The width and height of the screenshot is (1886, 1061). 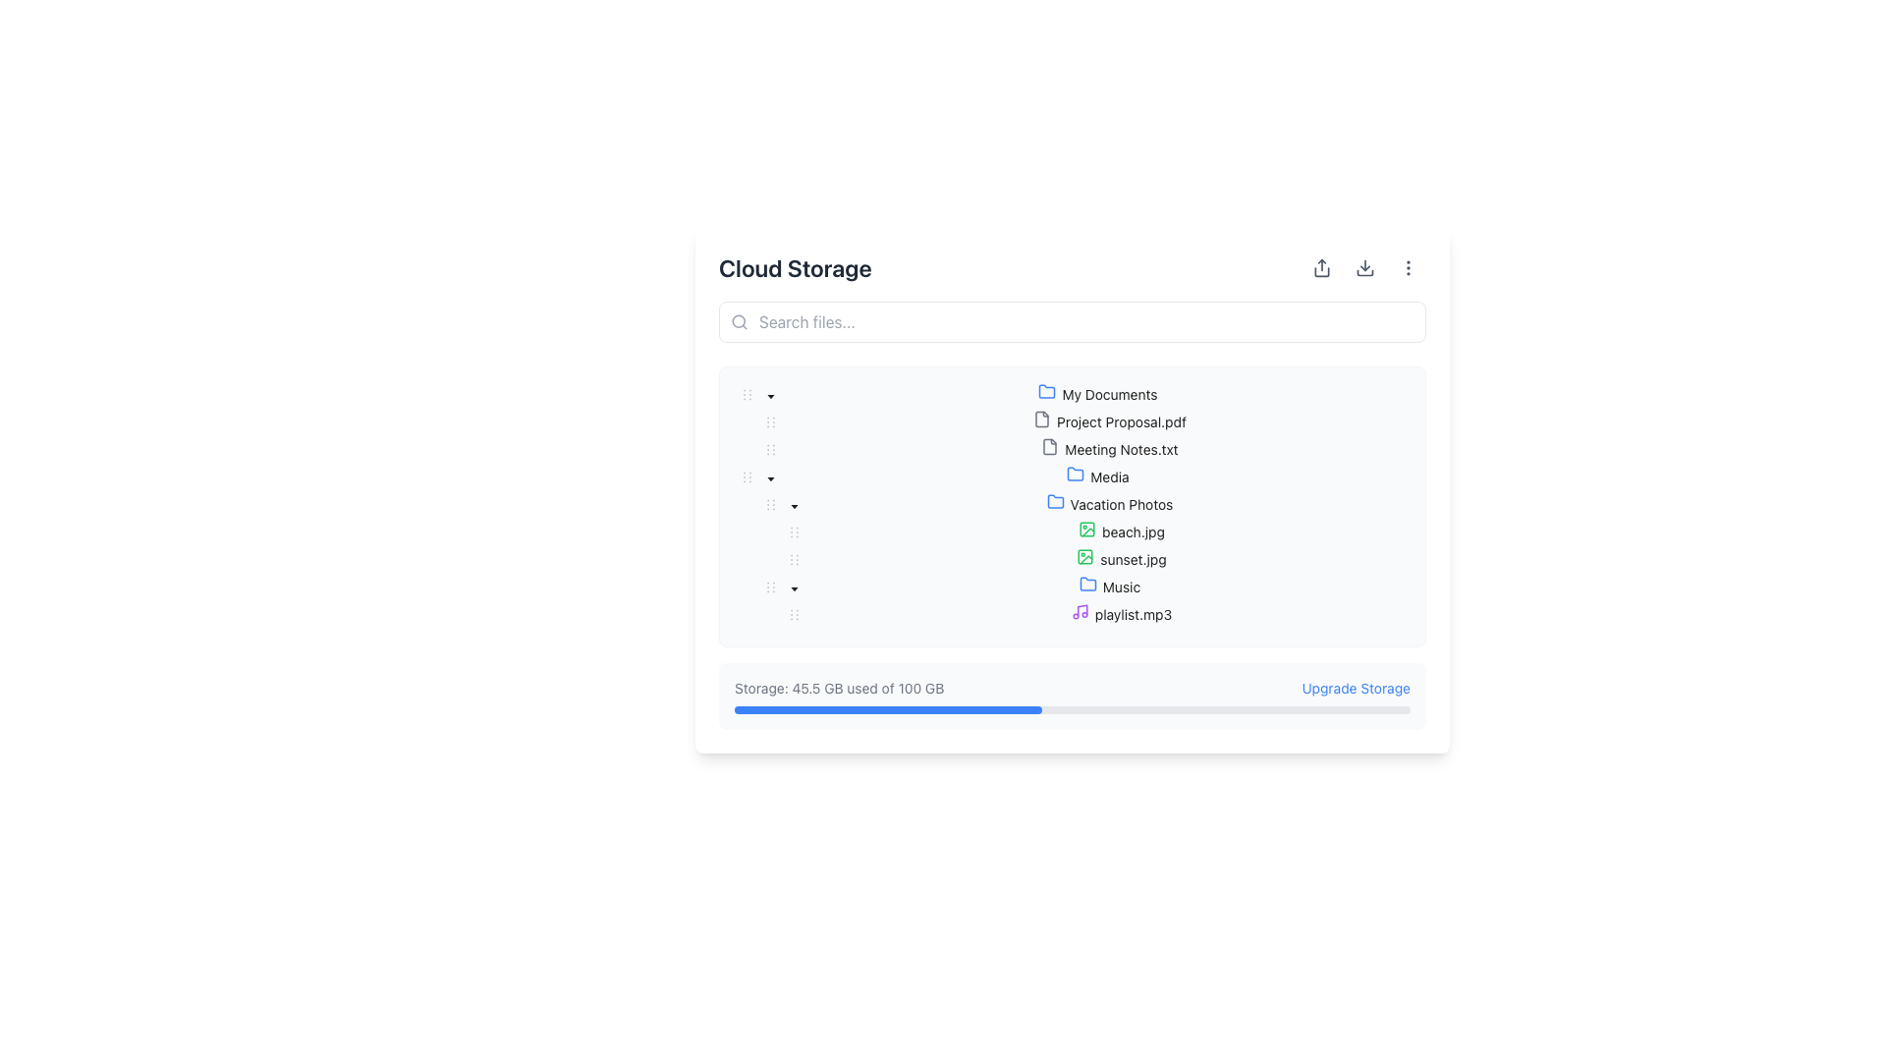 What do you see at coordinates (1122, 503) in the screenshot?
I see `the 'Vacation Photos' text label in the file navigation interface` at bounding box center [1122, 503].